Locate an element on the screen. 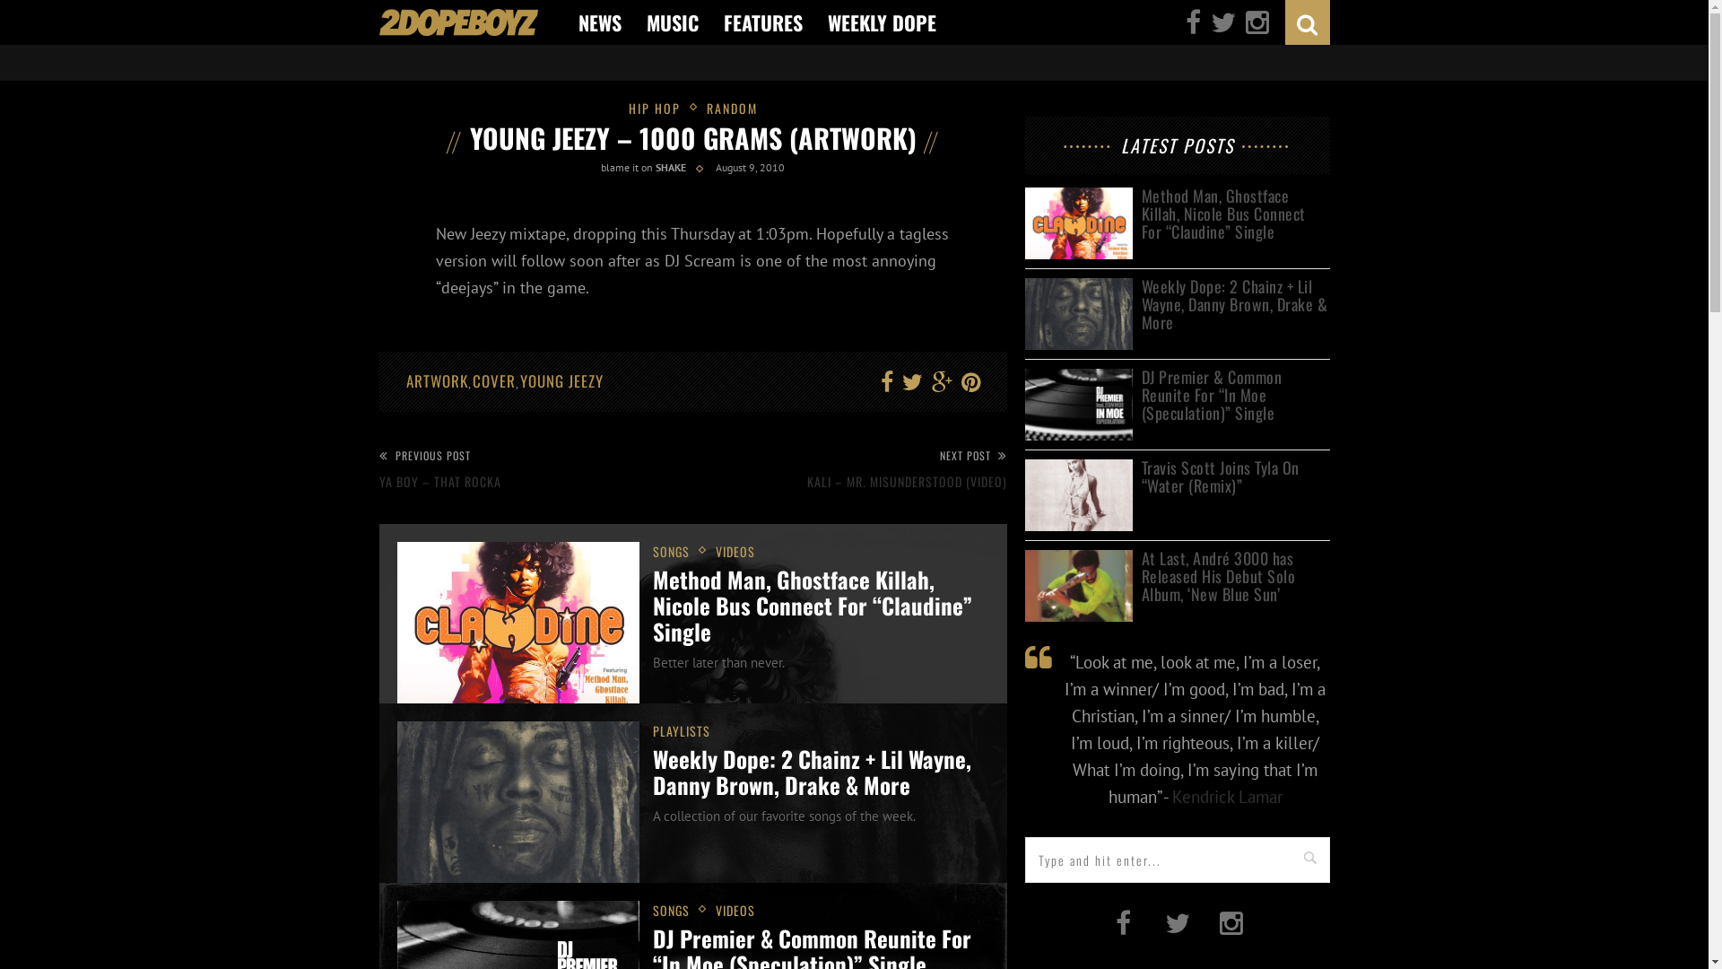 The height and width of the screenshot is (969, 1722). 'HIP HOP' is located at coordinates (660, 108).